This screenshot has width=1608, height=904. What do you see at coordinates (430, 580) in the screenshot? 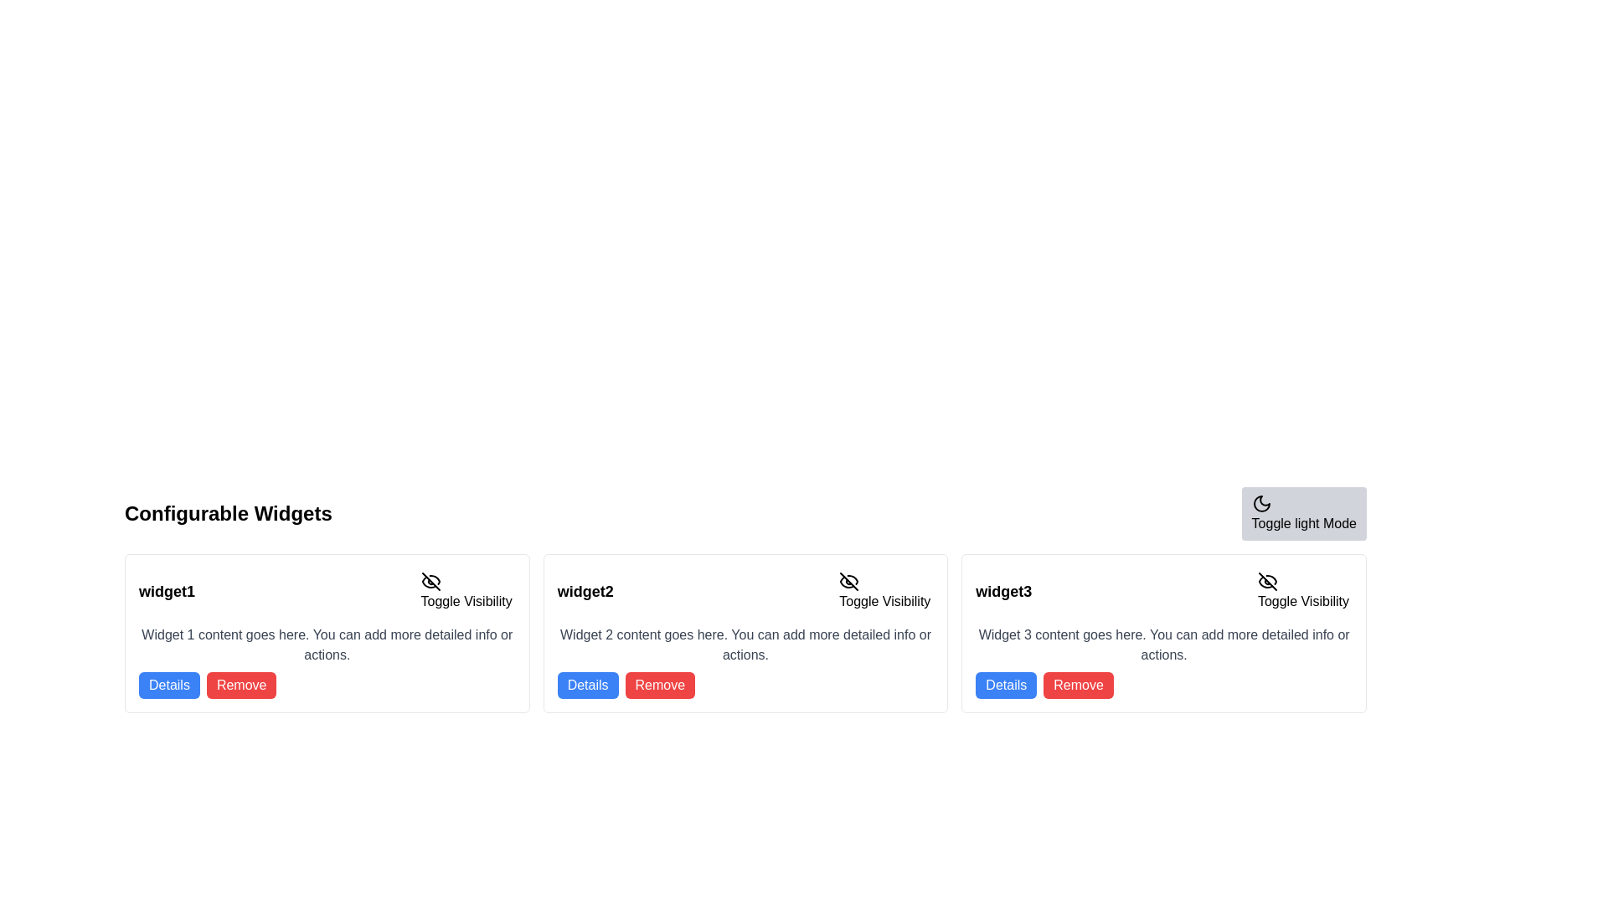
I see `the state of the visibility toggle icon located at the top-center part of the 'widget1' card, which indicates whether the associated widget is currently hidden or not visible` at bounding box center [430, 580].